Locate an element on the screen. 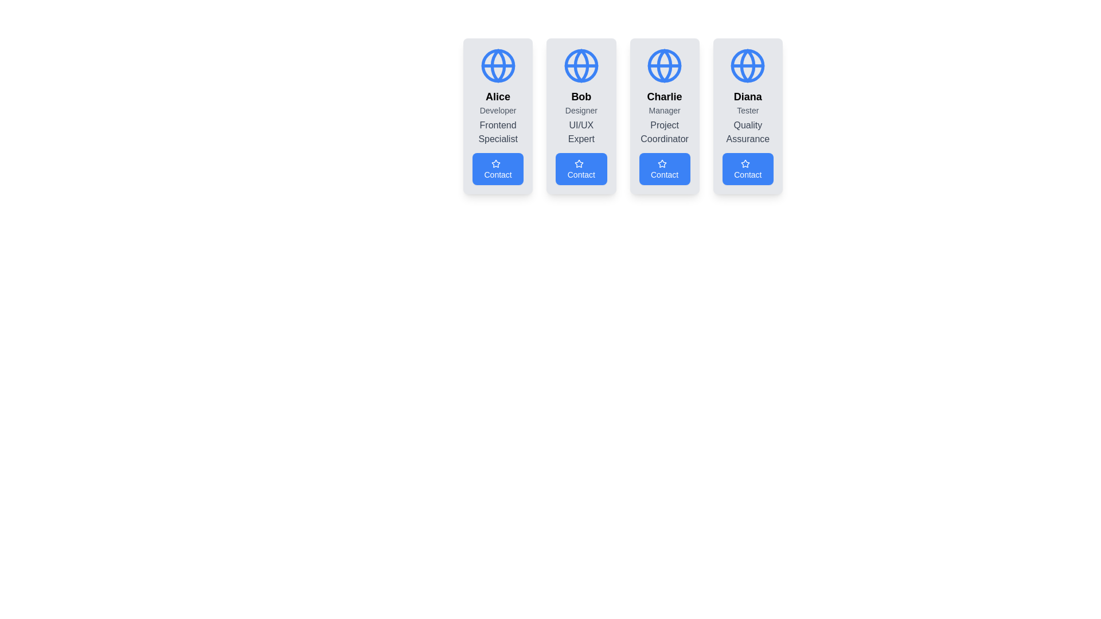 The width and height of the screenshot is (1101, 619). the globe decorative icon located at the top of the 'Diana' card, which visually represents global concepts and is positioned above the text 'Tester' and 'Quality Assurance.' is located at coordinates (748, 66).